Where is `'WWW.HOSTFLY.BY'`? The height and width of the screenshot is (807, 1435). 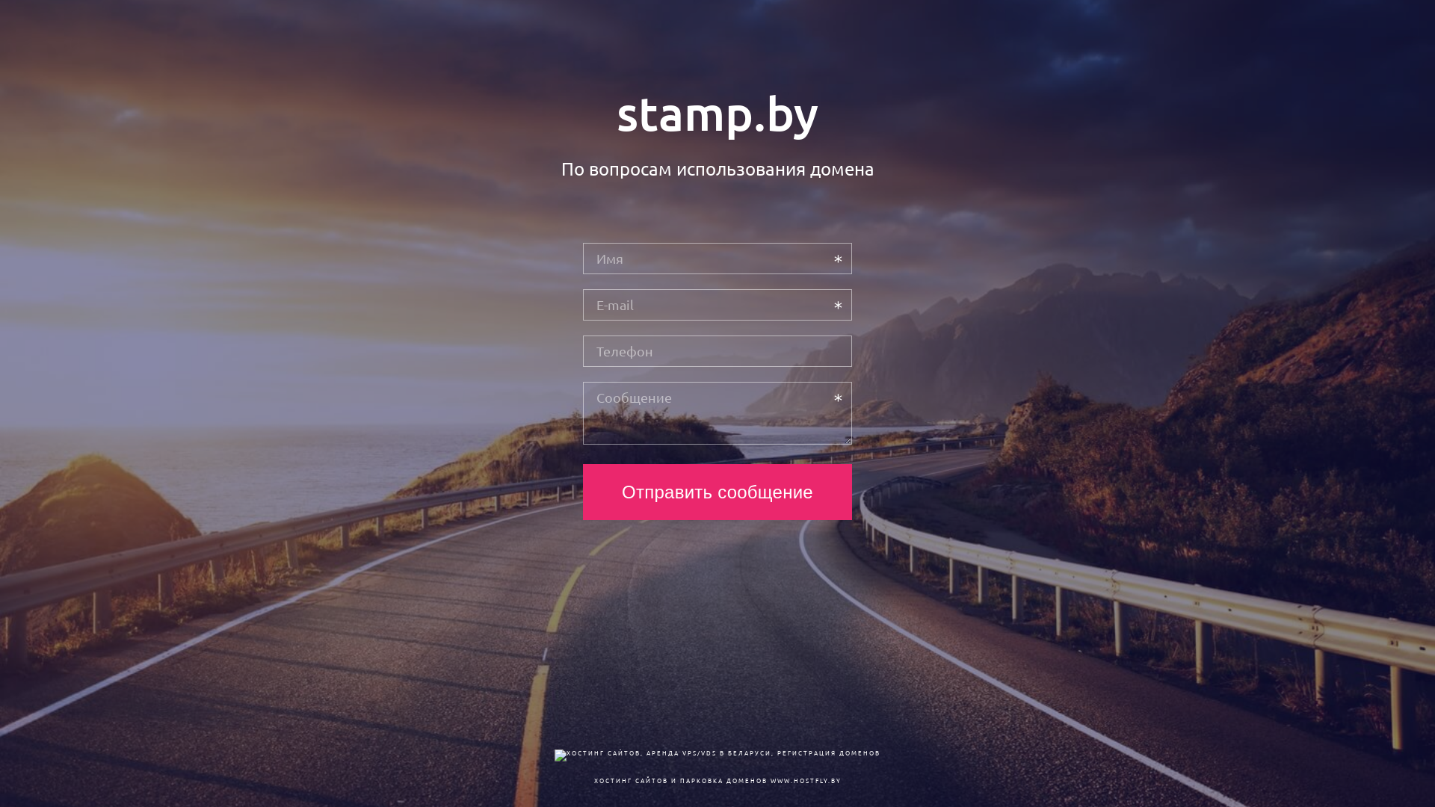
'WWW.HOSTFLY.BY' is located at coordinates (804, 779).